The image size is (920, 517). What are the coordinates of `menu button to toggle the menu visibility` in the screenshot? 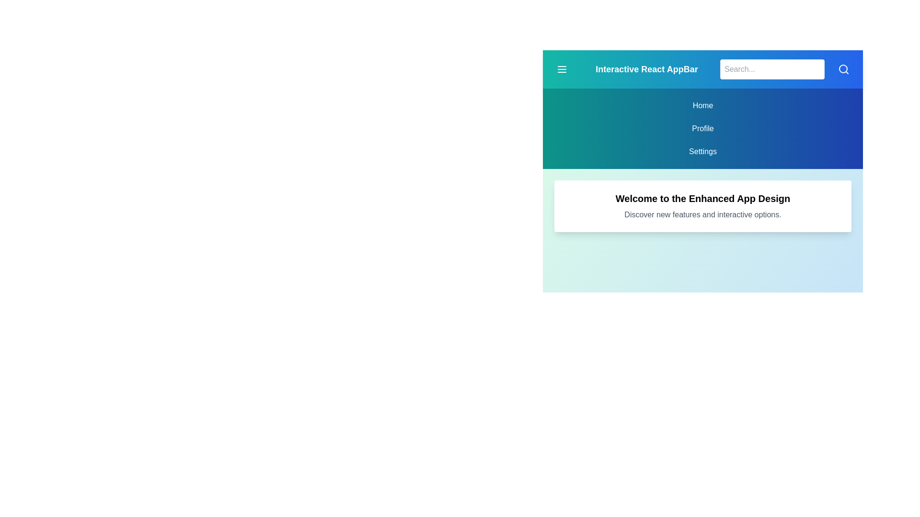 It's located at (562, 69).